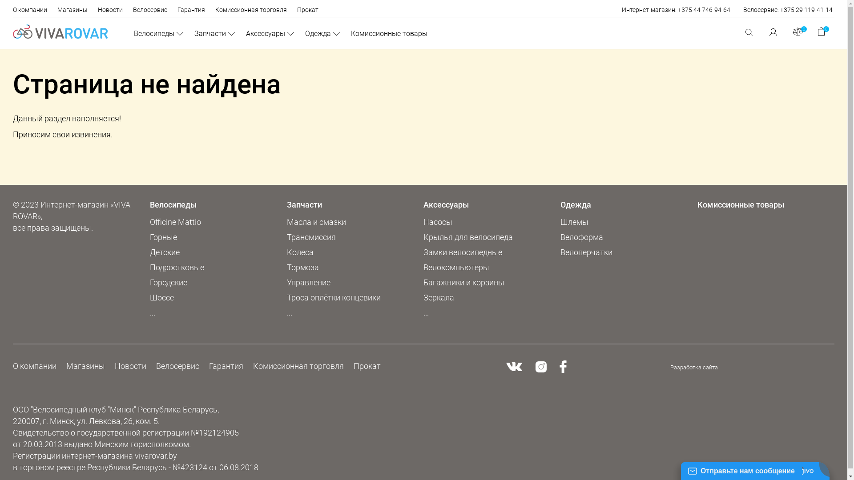 The image size is (854, 480). Describe the element at coordinates (286, 312) in the screenshot. I see `'...'` at that location.